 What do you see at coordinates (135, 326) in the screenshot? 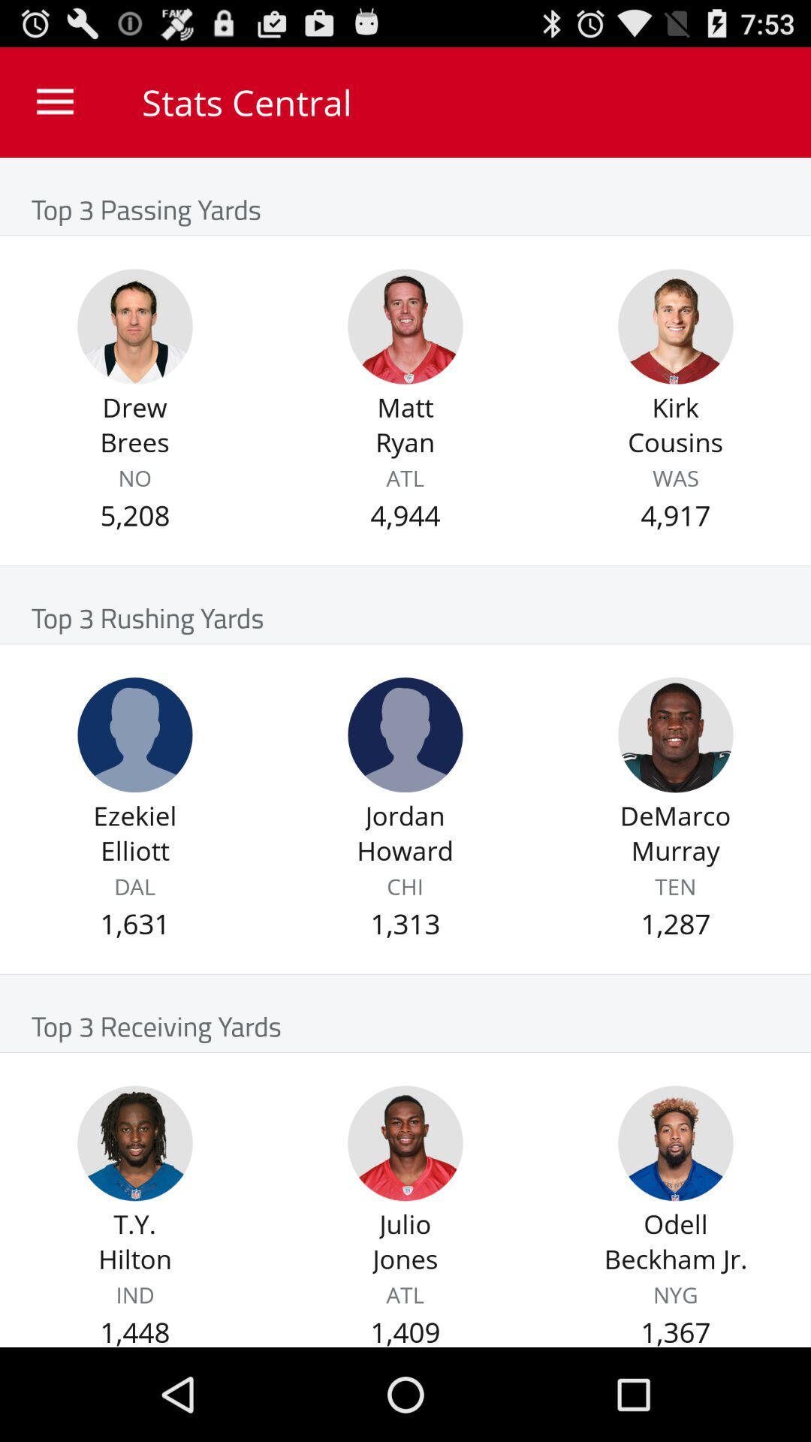
I see `open profile` at bounding box center [135, 326].